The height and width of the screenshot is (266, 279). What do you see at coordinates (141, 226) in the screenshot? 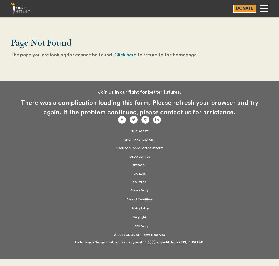
I see `'EEO Policy'` at bounding box center [141, 226].